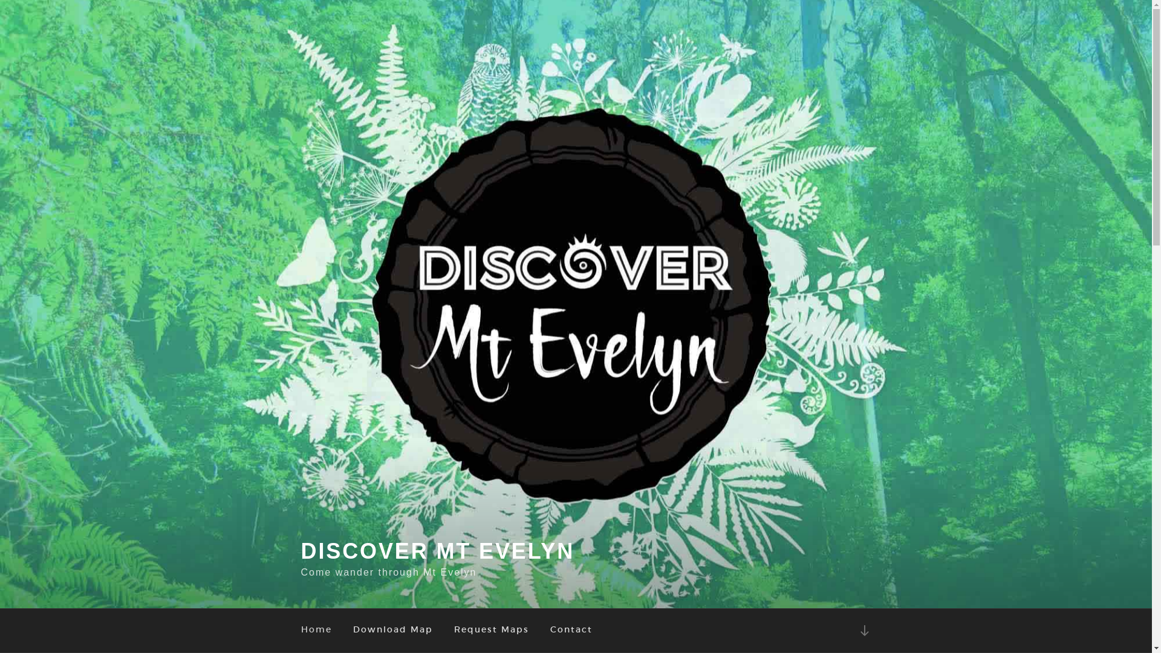 This screenshot has height=653, width=1161. What do you see at coordinates (392, 629) in the screenshot?
I see `'Download Map'` at bounding box center [392, 629].